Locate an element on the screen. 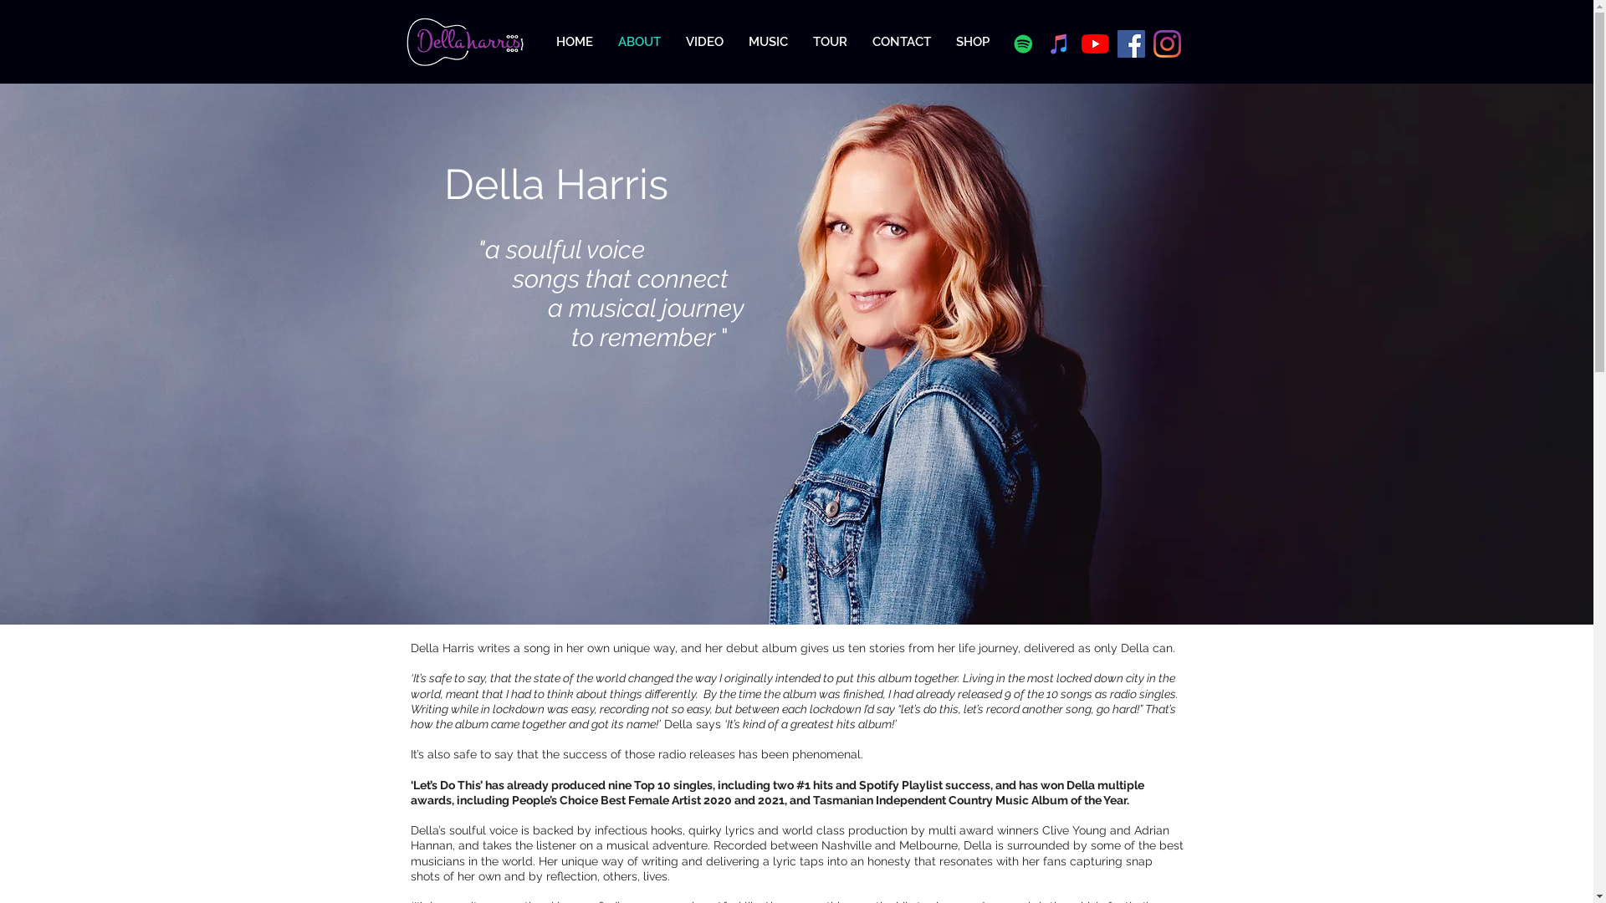 The height and width of the screenshot is (903, 1606). 'CONTACT' is located at coordinates (901, 41).